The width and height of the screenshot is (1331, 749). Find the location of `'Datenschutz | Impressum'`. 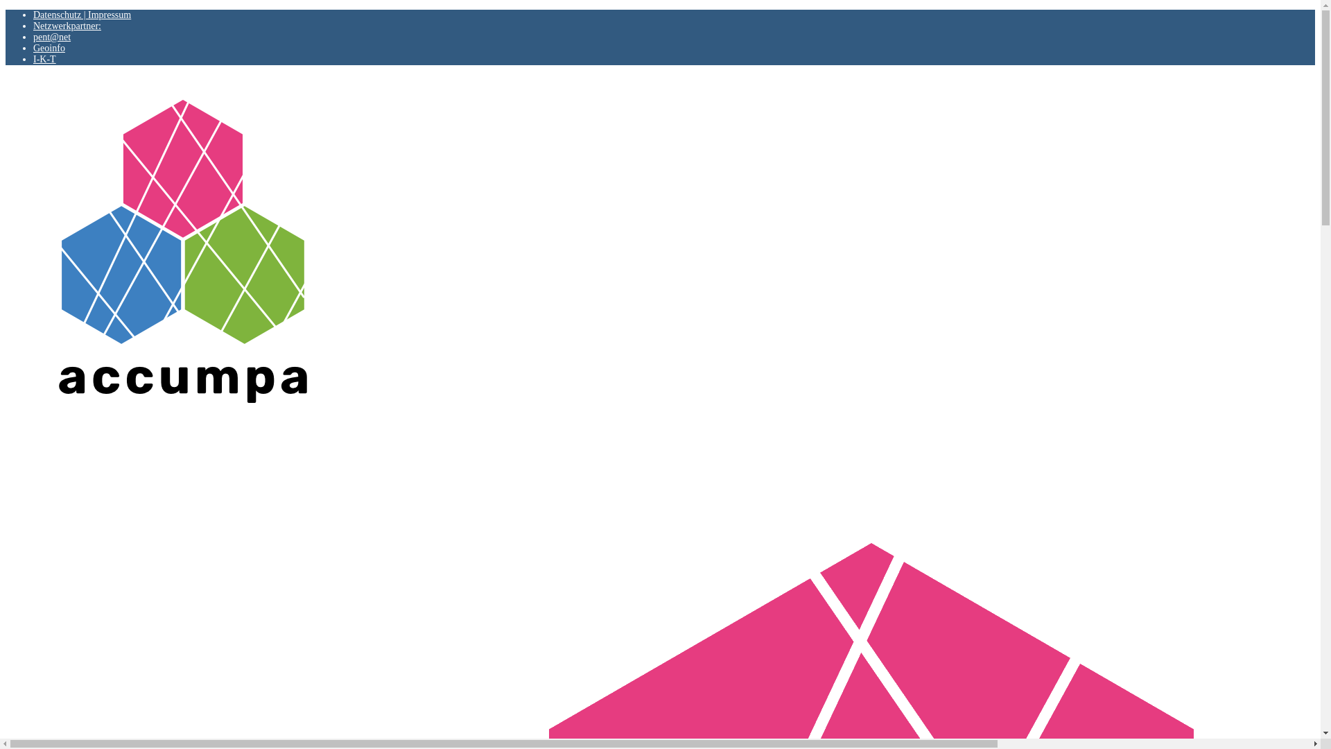

'Datenschutz | Impressum' is located at coordinates (81, 15).